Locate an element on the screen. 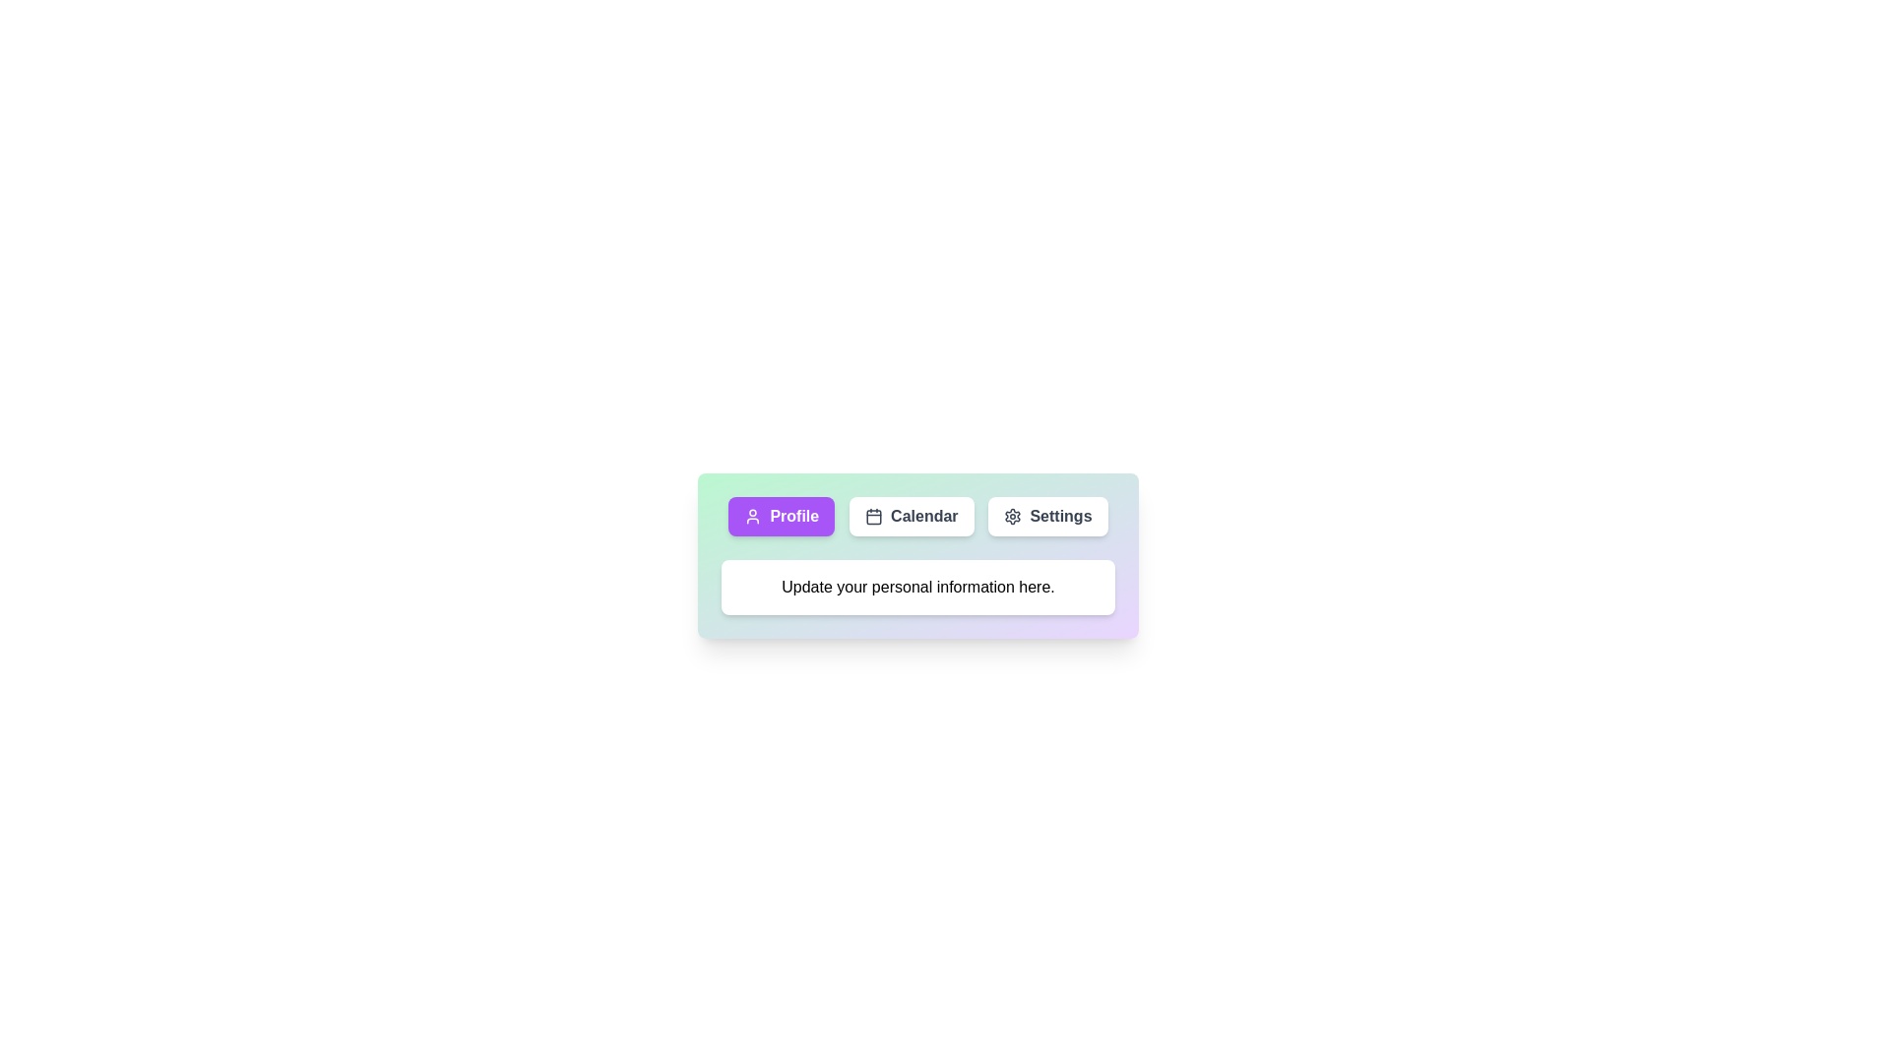 The height and width of the screenshot is (1063, 1890). the informational text box that instructs users about updating personal information, located beneath 'Profile', 'Calendar', and 'Settings' is located at coordinates (916, 587).